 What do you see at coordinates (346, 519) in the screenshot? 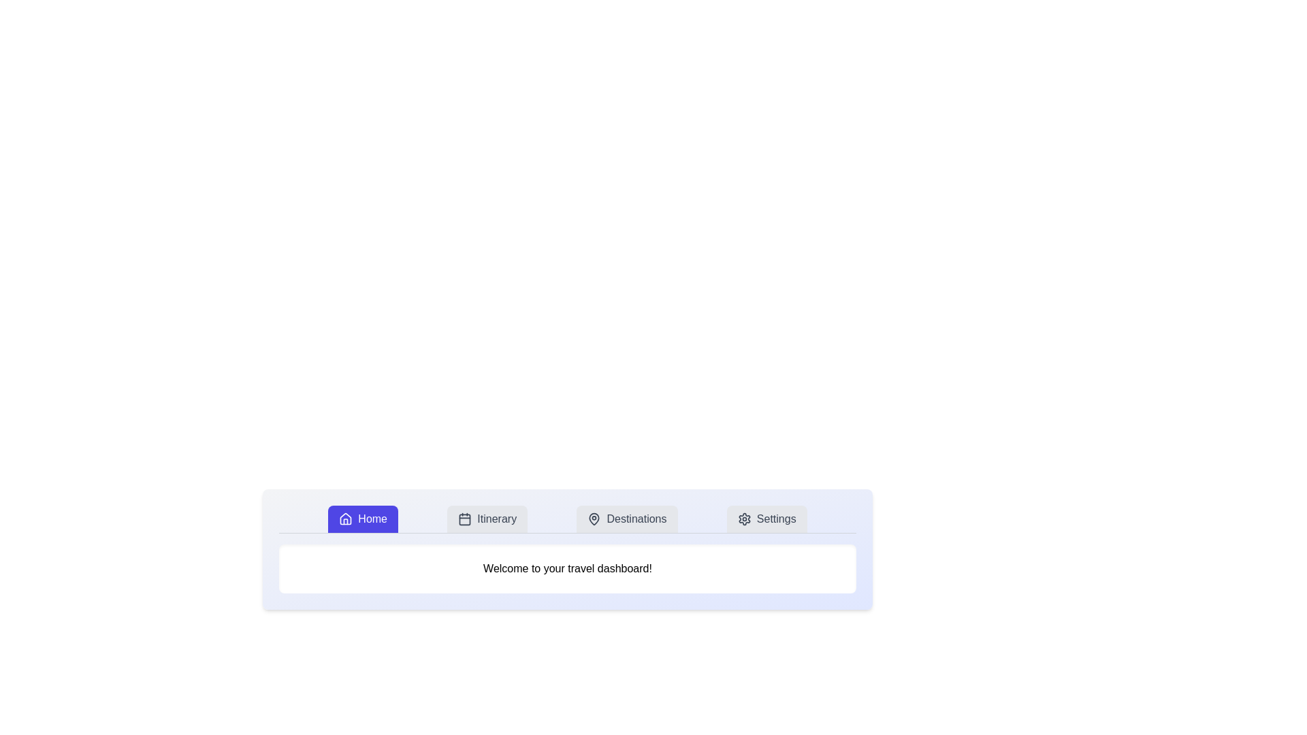
I see `the house icon located in the navigation bar, which is adjacent to the label 'Home'` at bounding box center [346, 519].